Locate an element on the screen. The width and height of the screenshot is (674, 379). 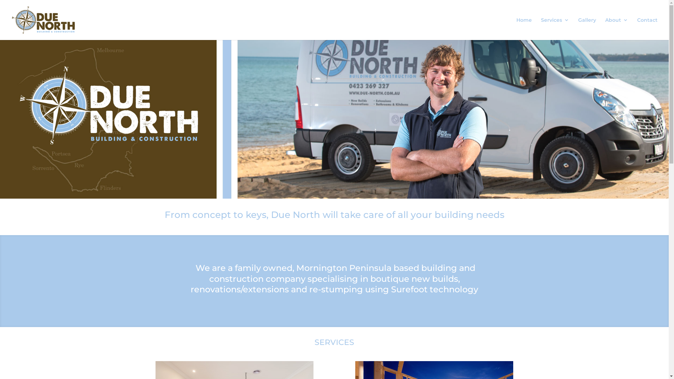
'Contact' is located at coordinates (637, 28).